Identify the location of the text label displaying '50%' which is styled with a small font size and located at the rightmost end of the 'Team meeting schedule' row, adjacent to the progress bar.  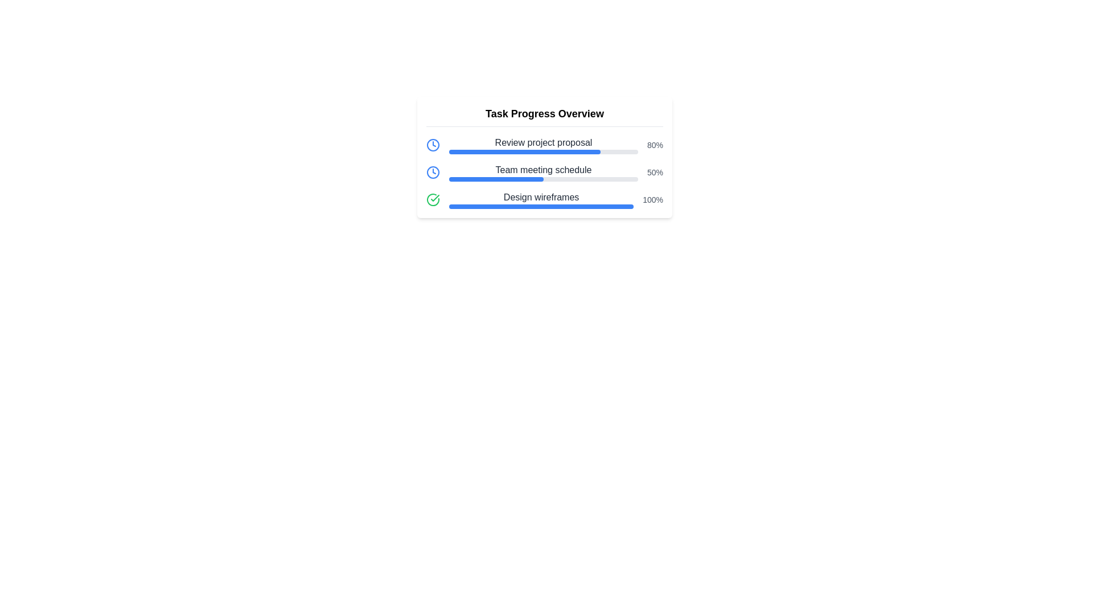
(655, 173).